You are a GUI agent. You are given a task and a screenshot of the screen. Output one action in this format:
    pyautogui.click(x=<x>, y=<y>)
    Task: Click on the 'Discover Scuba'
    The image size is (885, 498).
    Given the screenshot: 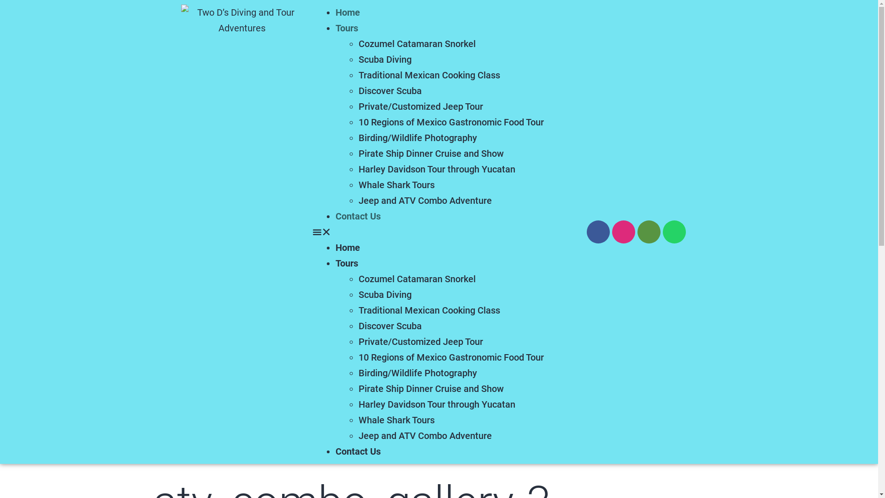 What is the action you would take?
    pyautogui.click(x=390, y=90)
    